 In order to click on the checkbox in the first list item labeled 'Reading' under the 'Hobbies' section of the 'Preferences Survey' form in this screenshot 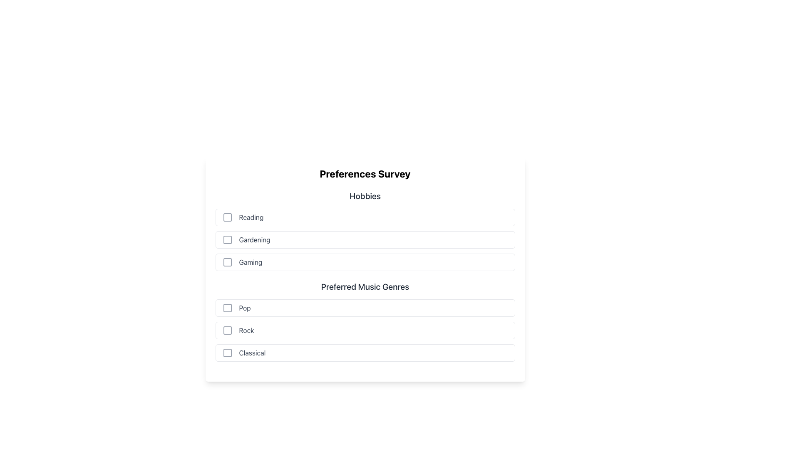, I will do `click(365, 217)`.